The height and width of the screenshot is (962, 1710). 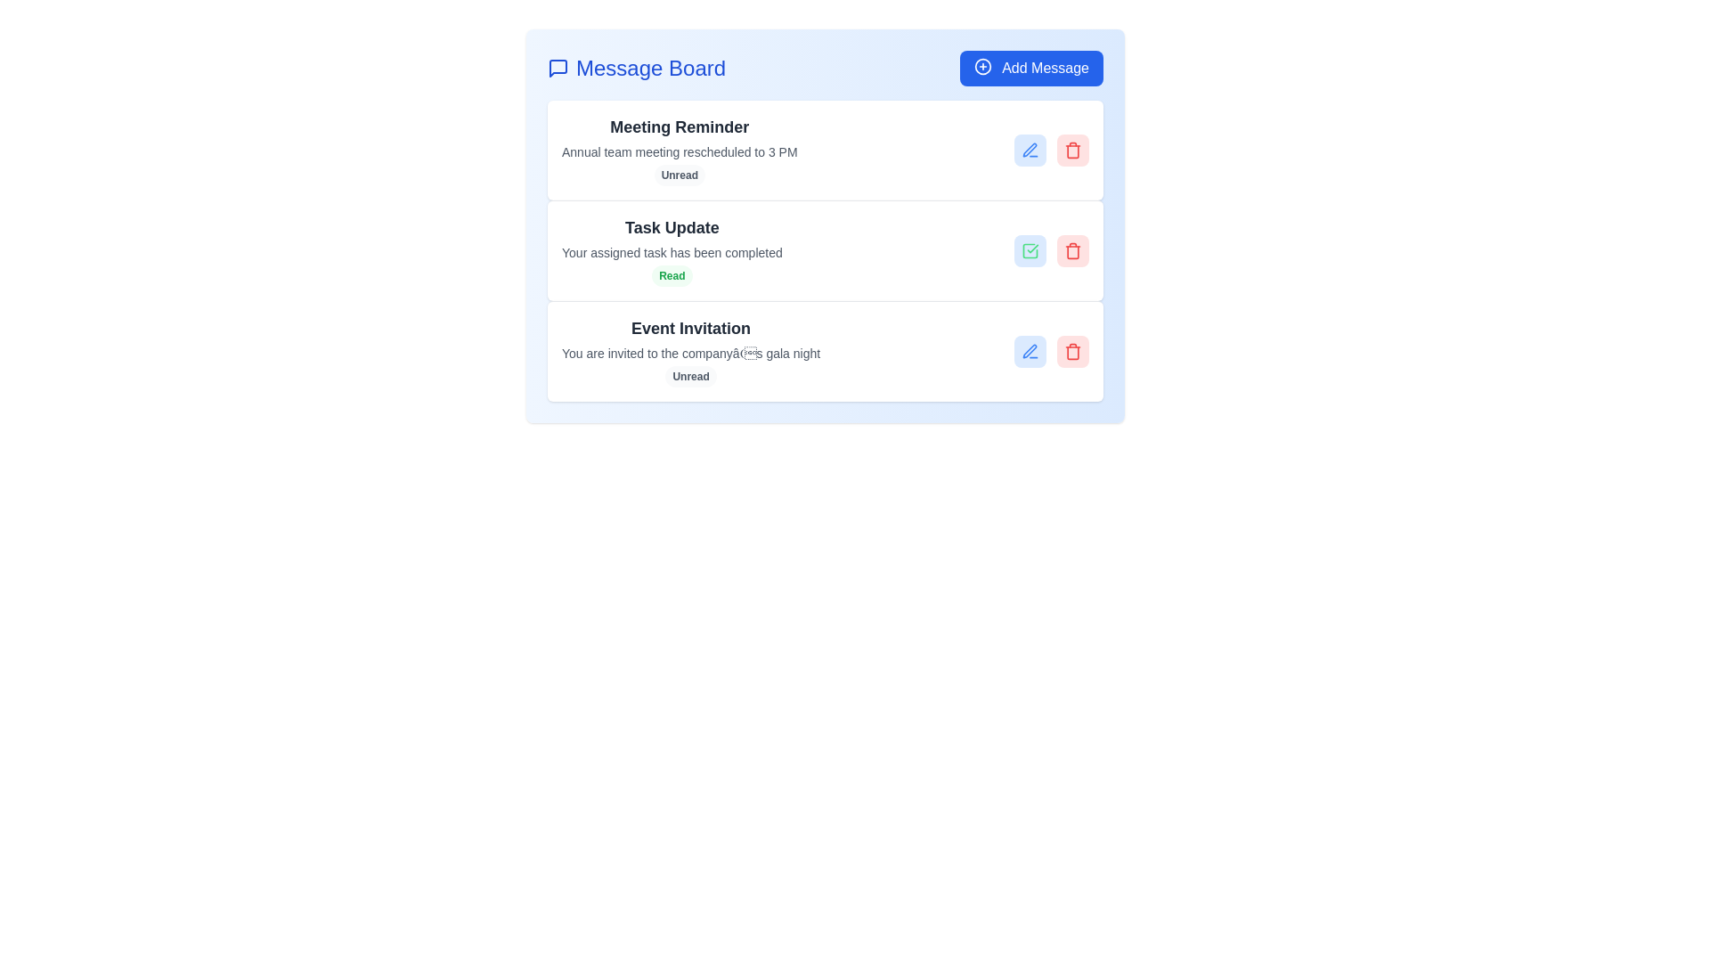 What do you see at coordinates (1031, 68) in the screenshot?
I see `the blue 'Add Message' button located at the top-right corner of the 'Message Board' section to initiate adding a new message` at bounding box center [1031, 68].